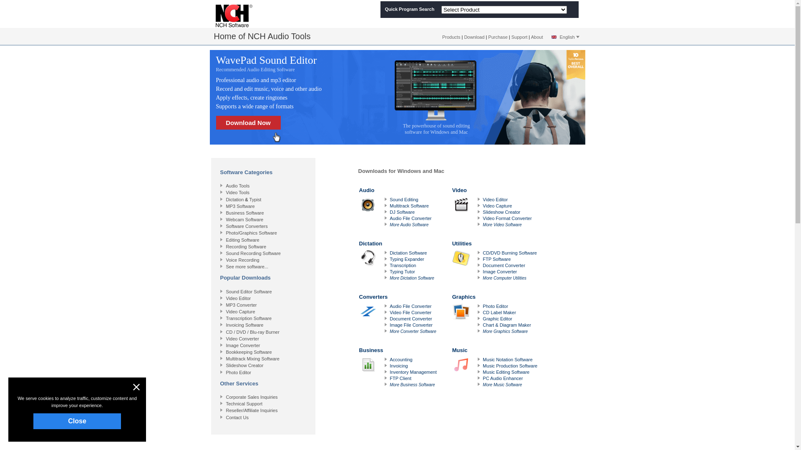 The width and height of the screenshot is (801, 450). What do you see at coordinates (482, 199) in the screenshot?
I see `'Video Editor'` at bounding box center [482, 199].